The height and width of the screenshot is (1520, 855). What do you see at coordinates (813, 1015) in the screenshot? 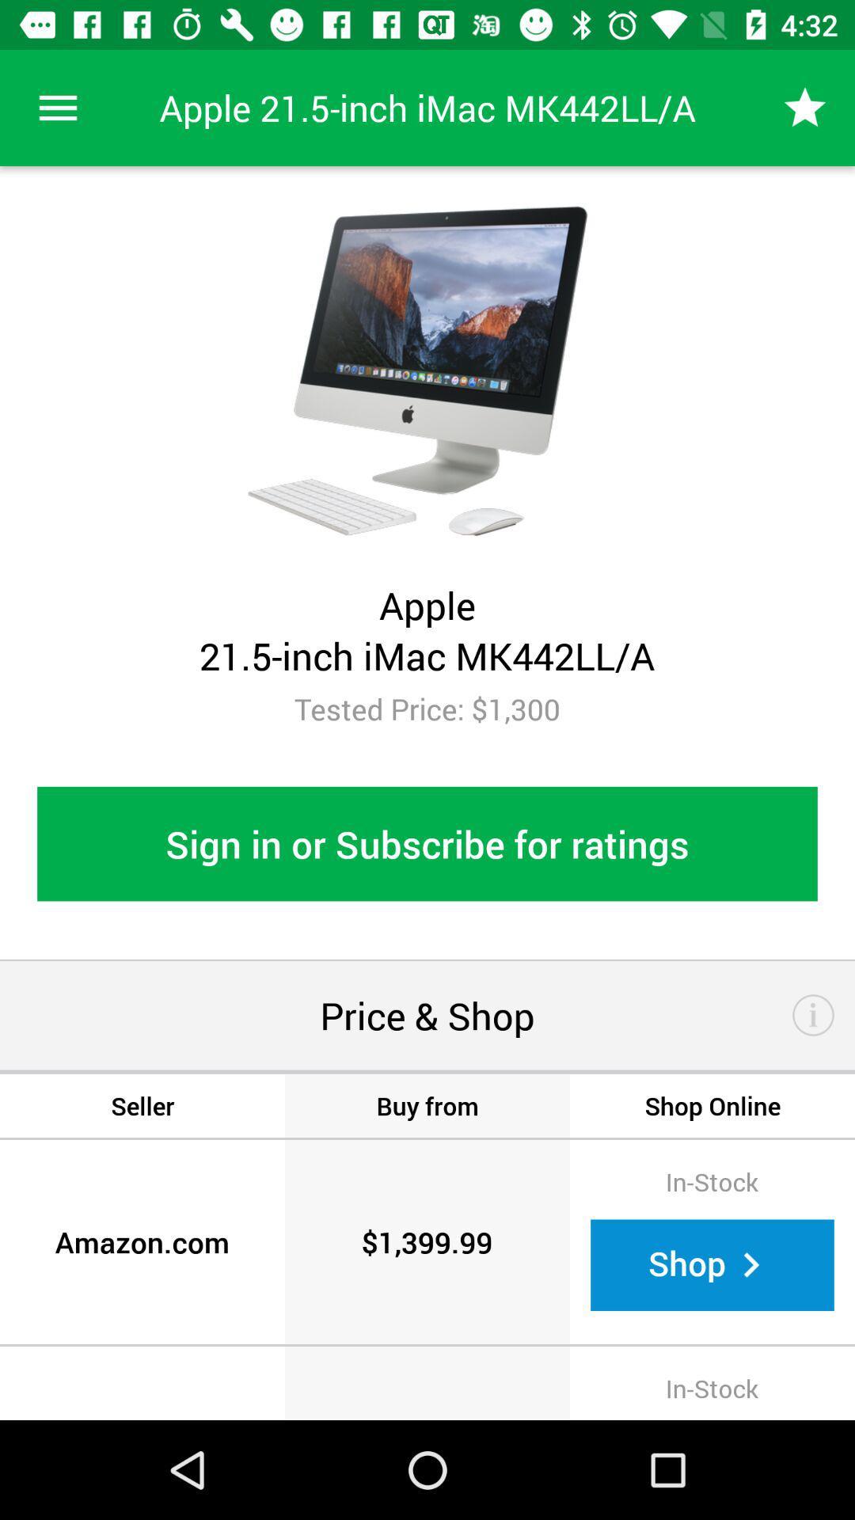
I see `see more information` at bounding box center [813, 1015].